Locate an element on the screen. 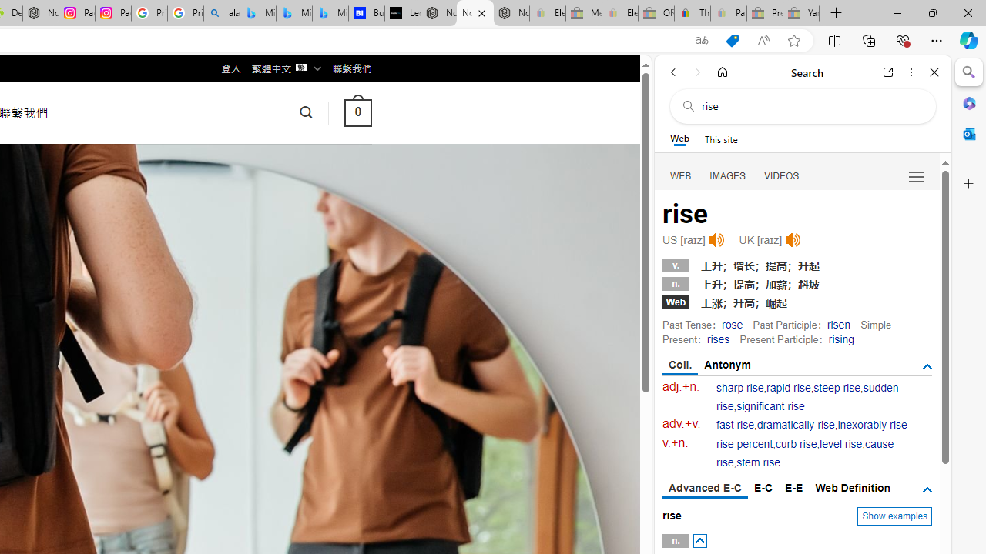 Image resolution: width=986 pixels, height=554 pixels. 'stem rise' is located at coordinates (758, 462).